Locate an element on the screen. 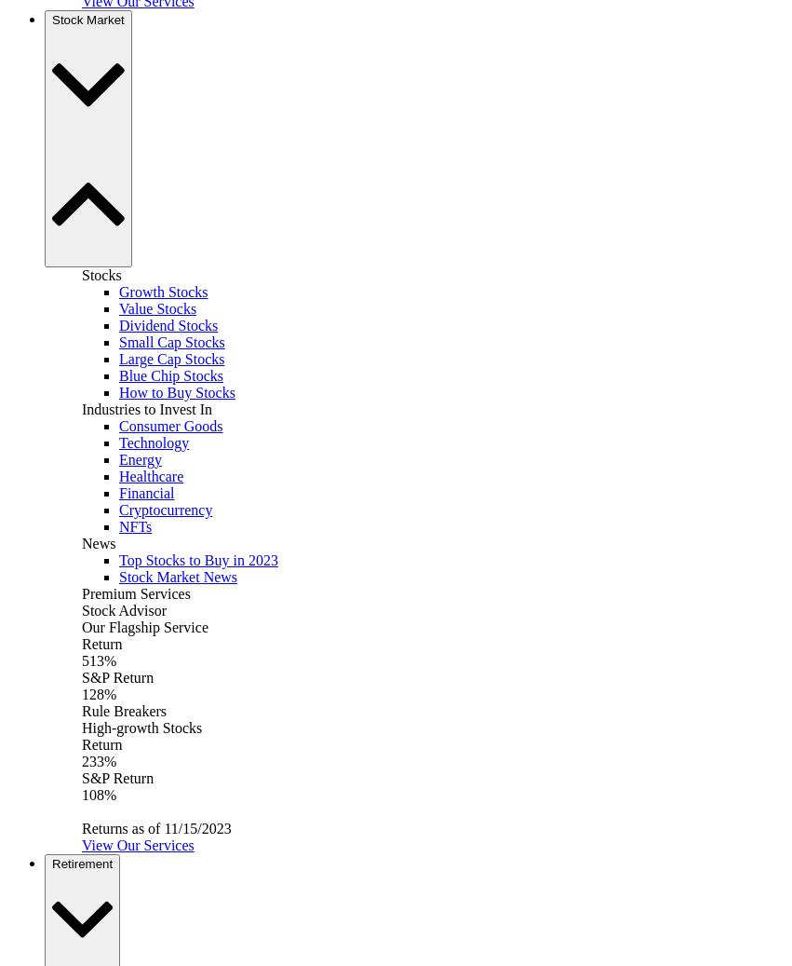  'Returns as of 11/15/2023' is located at coordinates (80, 828).